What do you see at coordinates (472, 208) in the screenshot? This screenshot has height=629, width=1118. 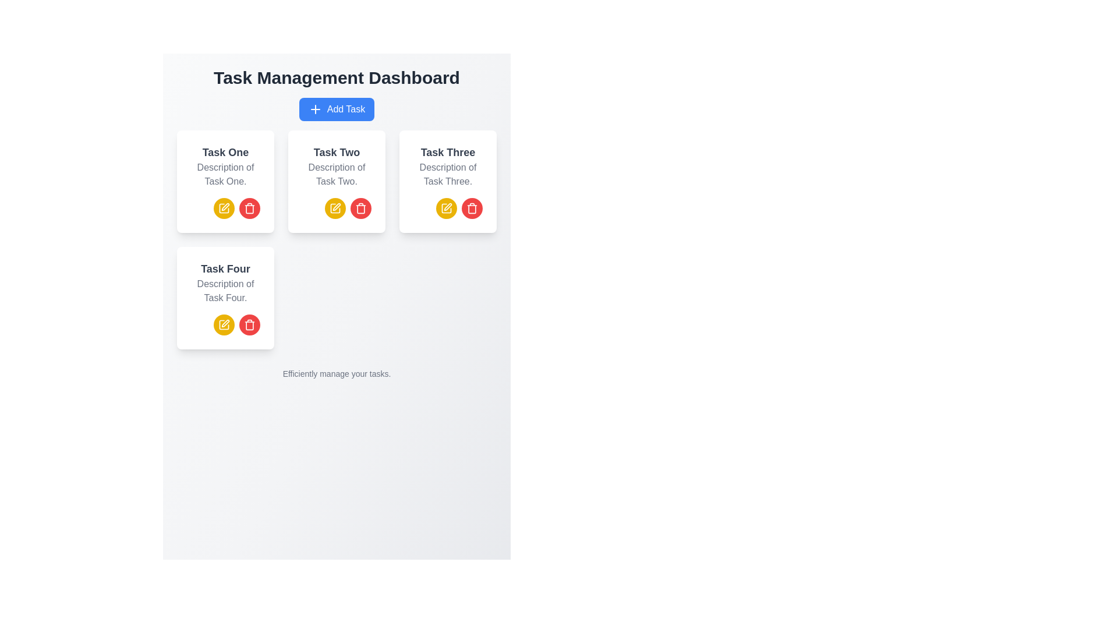 I see `the delete button located at the bottom-right corner of the 'Task Three' card` at bounding box center [472, 208].